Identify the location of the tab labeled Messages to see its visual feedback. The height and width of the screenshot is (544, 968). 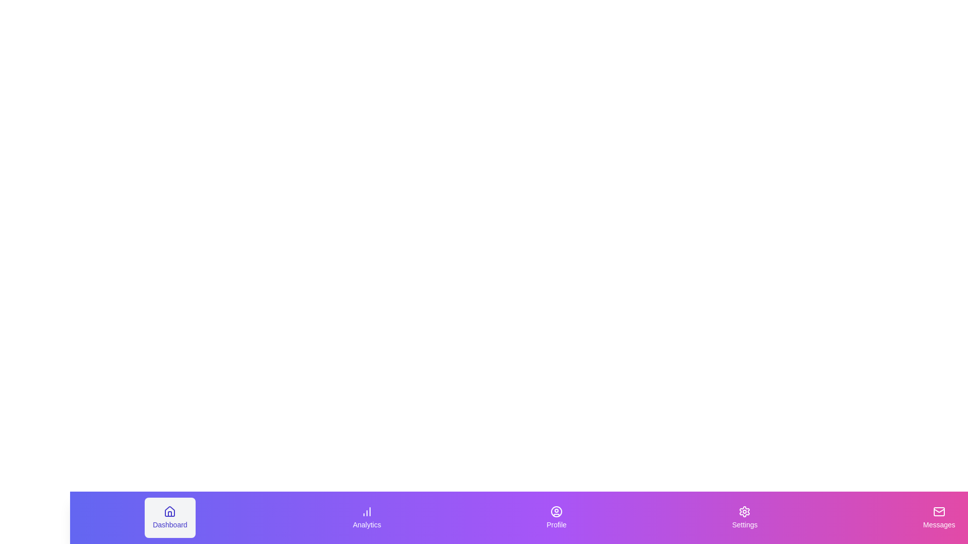
(938, 518).